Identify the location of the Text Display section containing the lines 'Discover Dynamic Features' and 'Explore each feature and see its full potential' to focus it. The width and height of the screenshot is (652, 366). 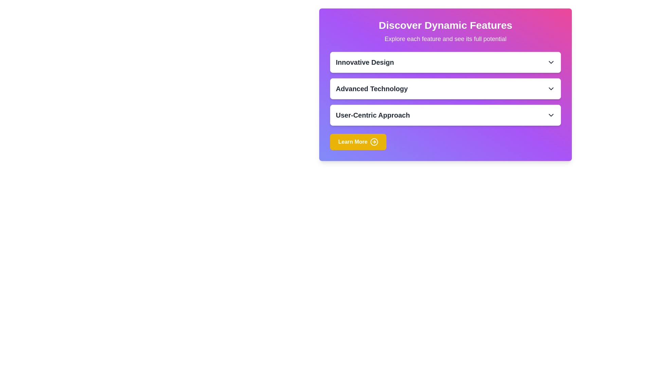
(445, 31).